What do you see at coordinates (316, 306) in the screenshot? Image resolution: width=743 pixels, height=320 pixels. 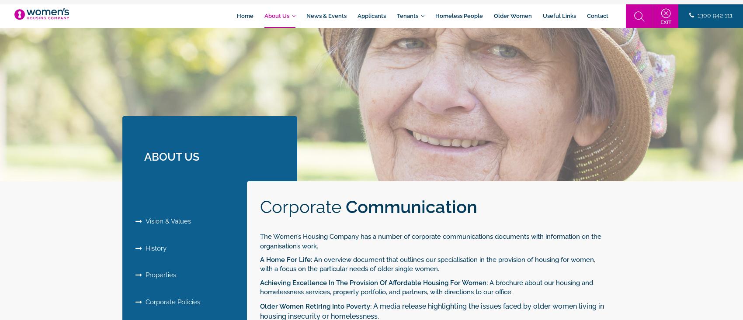 I see `'Older Women Retiring Into Poverty:'` at bounding box center [316, 306].